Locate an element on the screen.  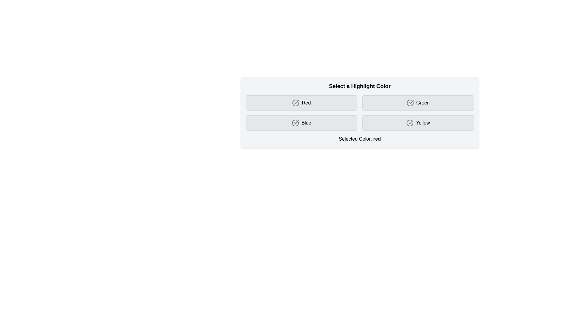
the button corresponding to the color Green is located at coordinates (418, 103).